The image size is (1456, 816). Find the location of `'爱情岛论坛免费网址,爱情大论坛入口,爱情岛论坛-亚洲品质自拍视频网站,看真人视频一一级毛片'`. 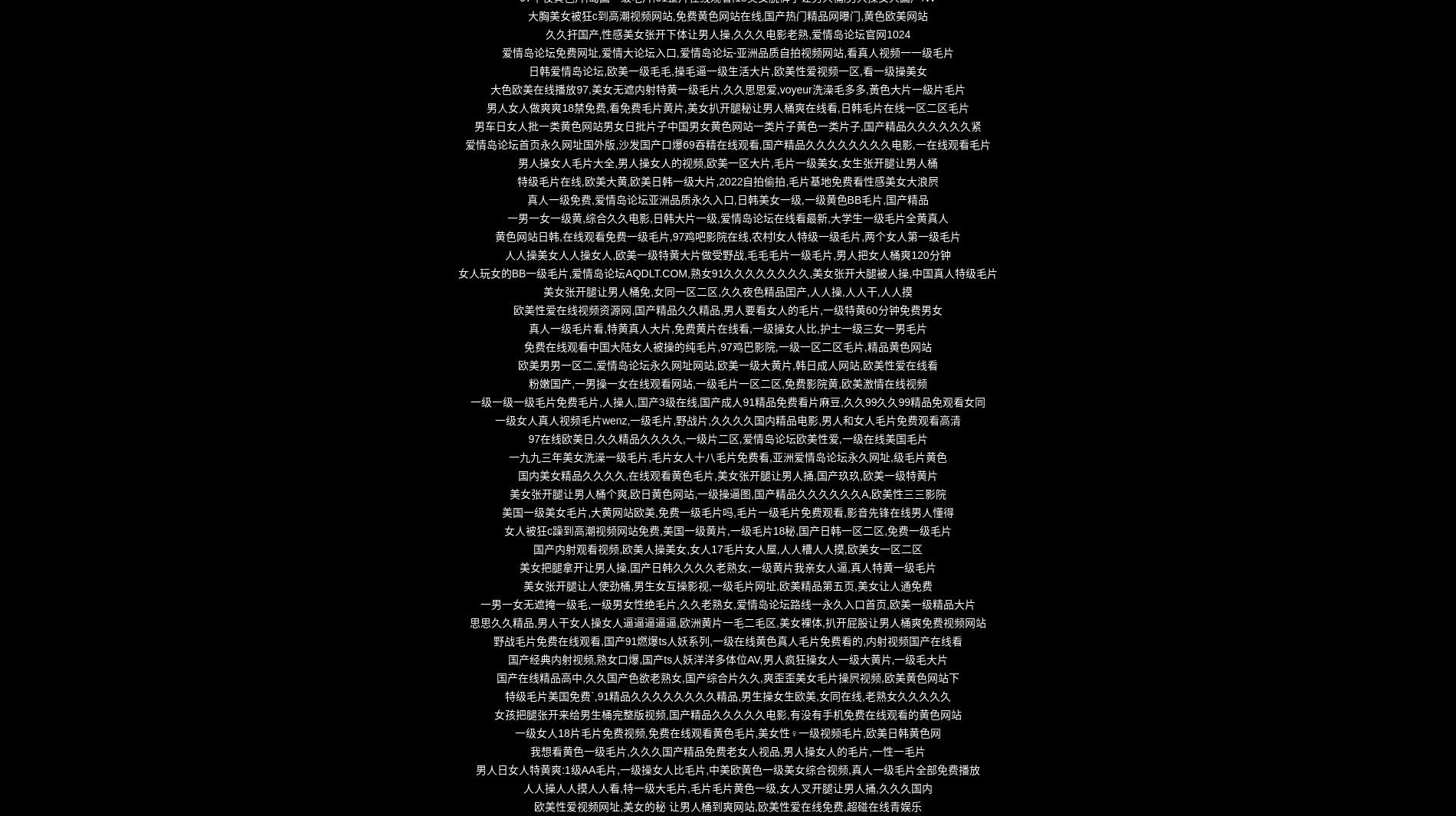

'爱情岛论坛免费网址,爱情大论坛入口,爱情岛论坛-亚洲品质自拍视频网站,看真人视频一一级毛片' is located at coordinates (726, 52).